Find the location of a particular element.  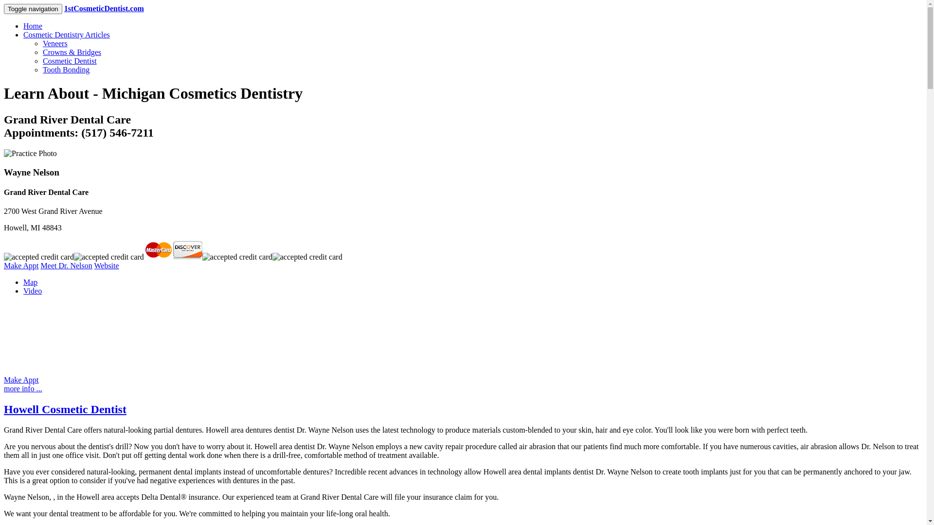

'Veneers' is located at coordinates (42, 43).